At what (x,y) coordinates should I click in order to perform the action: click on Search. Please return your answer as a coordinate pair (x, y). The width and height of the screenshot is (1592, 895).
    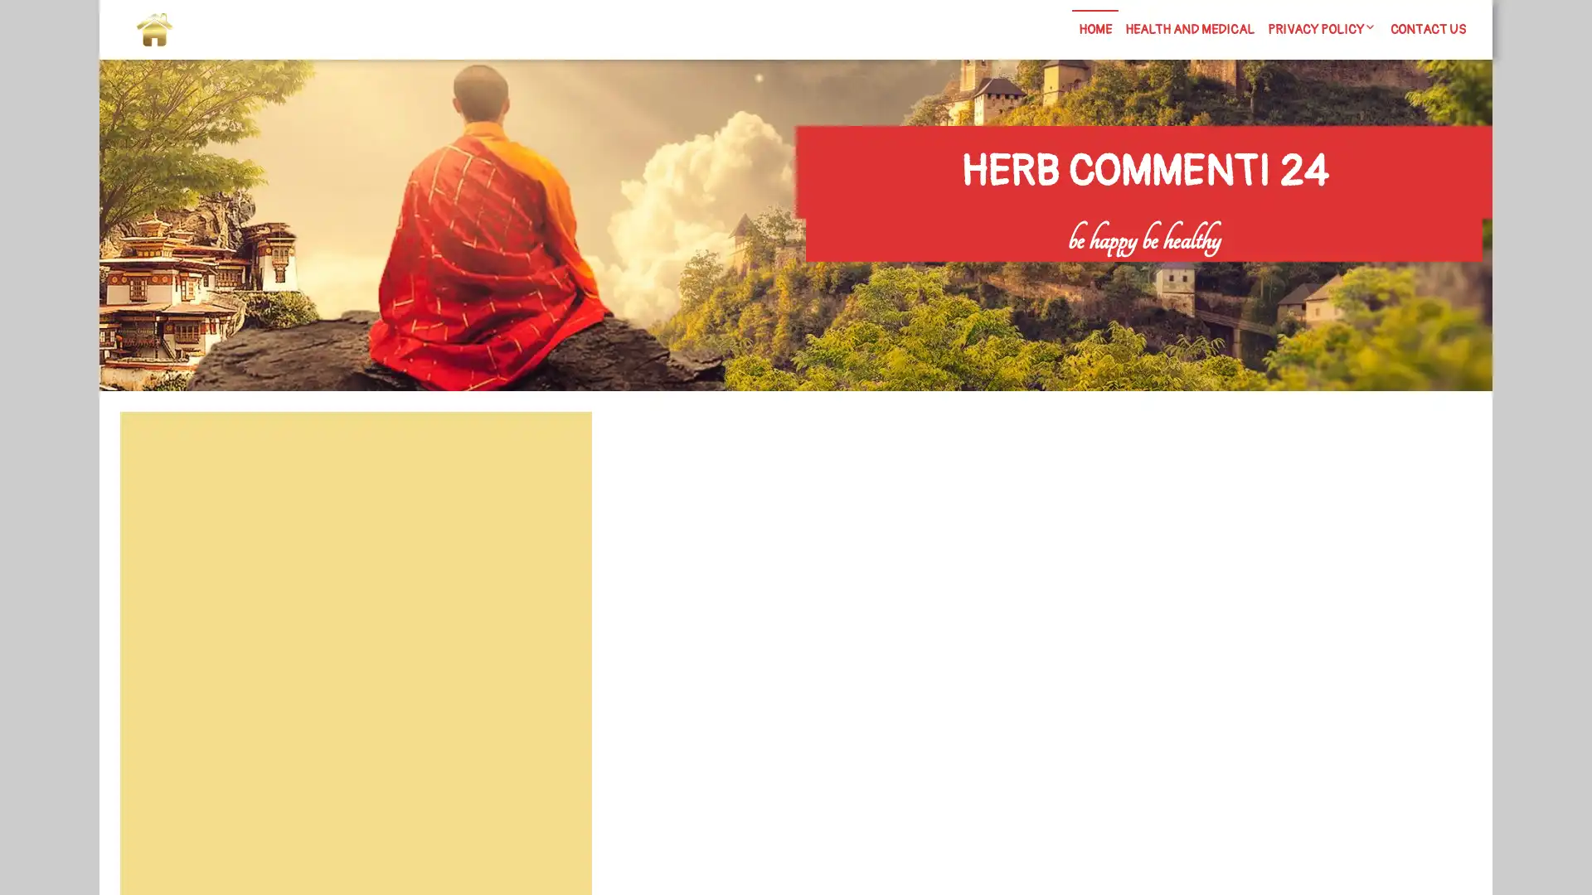
    Looking at the image, I should click on (553, 452).